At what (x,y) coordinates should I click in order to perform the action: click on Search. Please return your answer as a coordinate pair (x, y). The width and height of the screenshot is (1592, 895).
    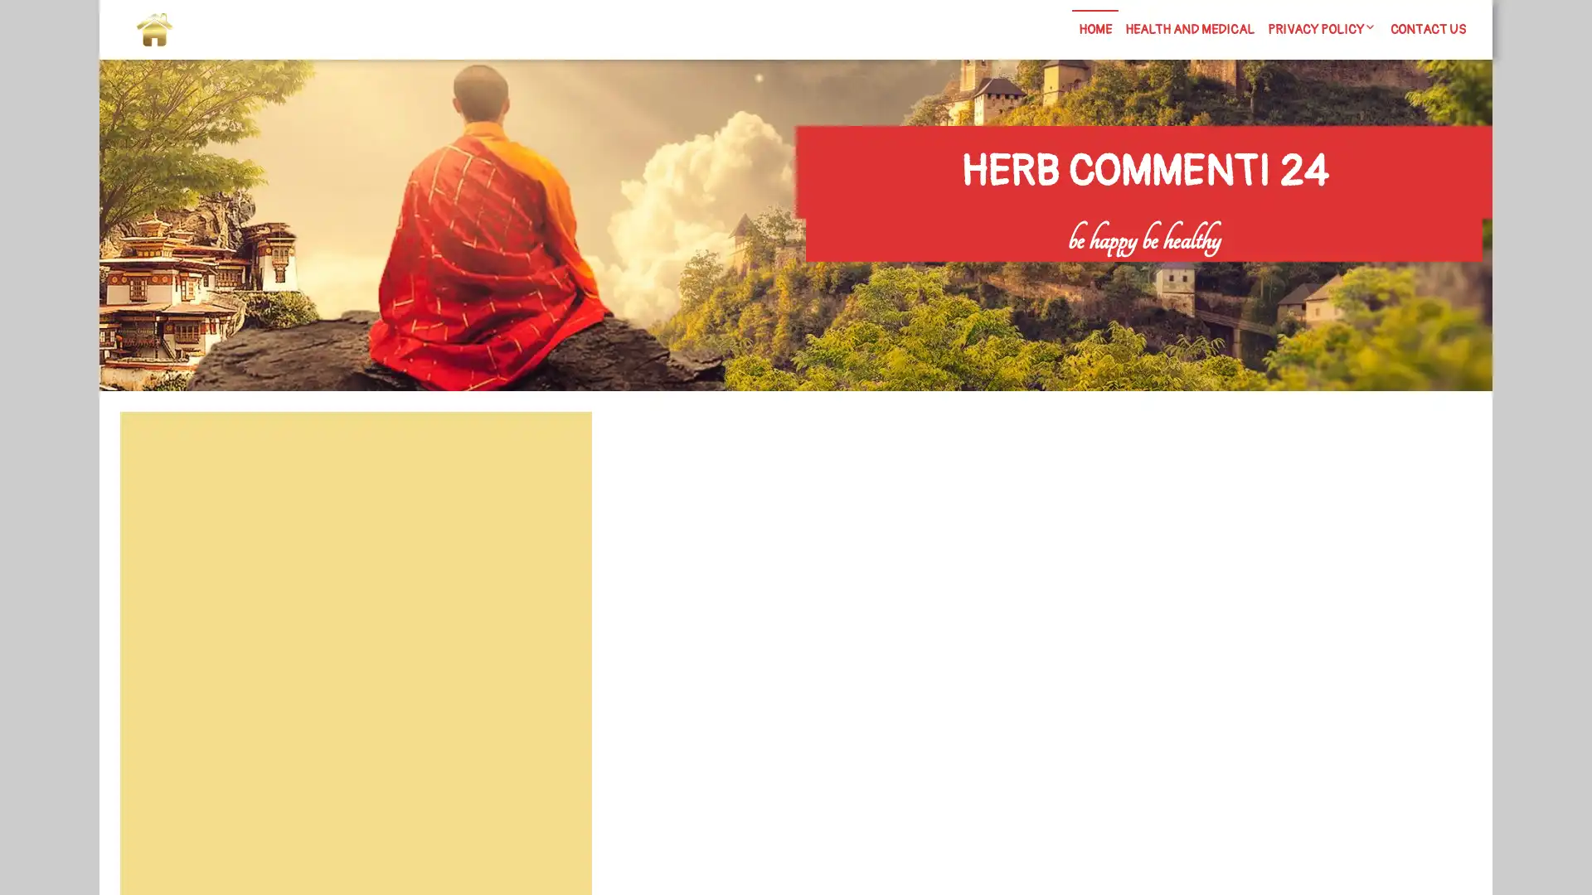
    Looking at the image, I should click on (553, 452).